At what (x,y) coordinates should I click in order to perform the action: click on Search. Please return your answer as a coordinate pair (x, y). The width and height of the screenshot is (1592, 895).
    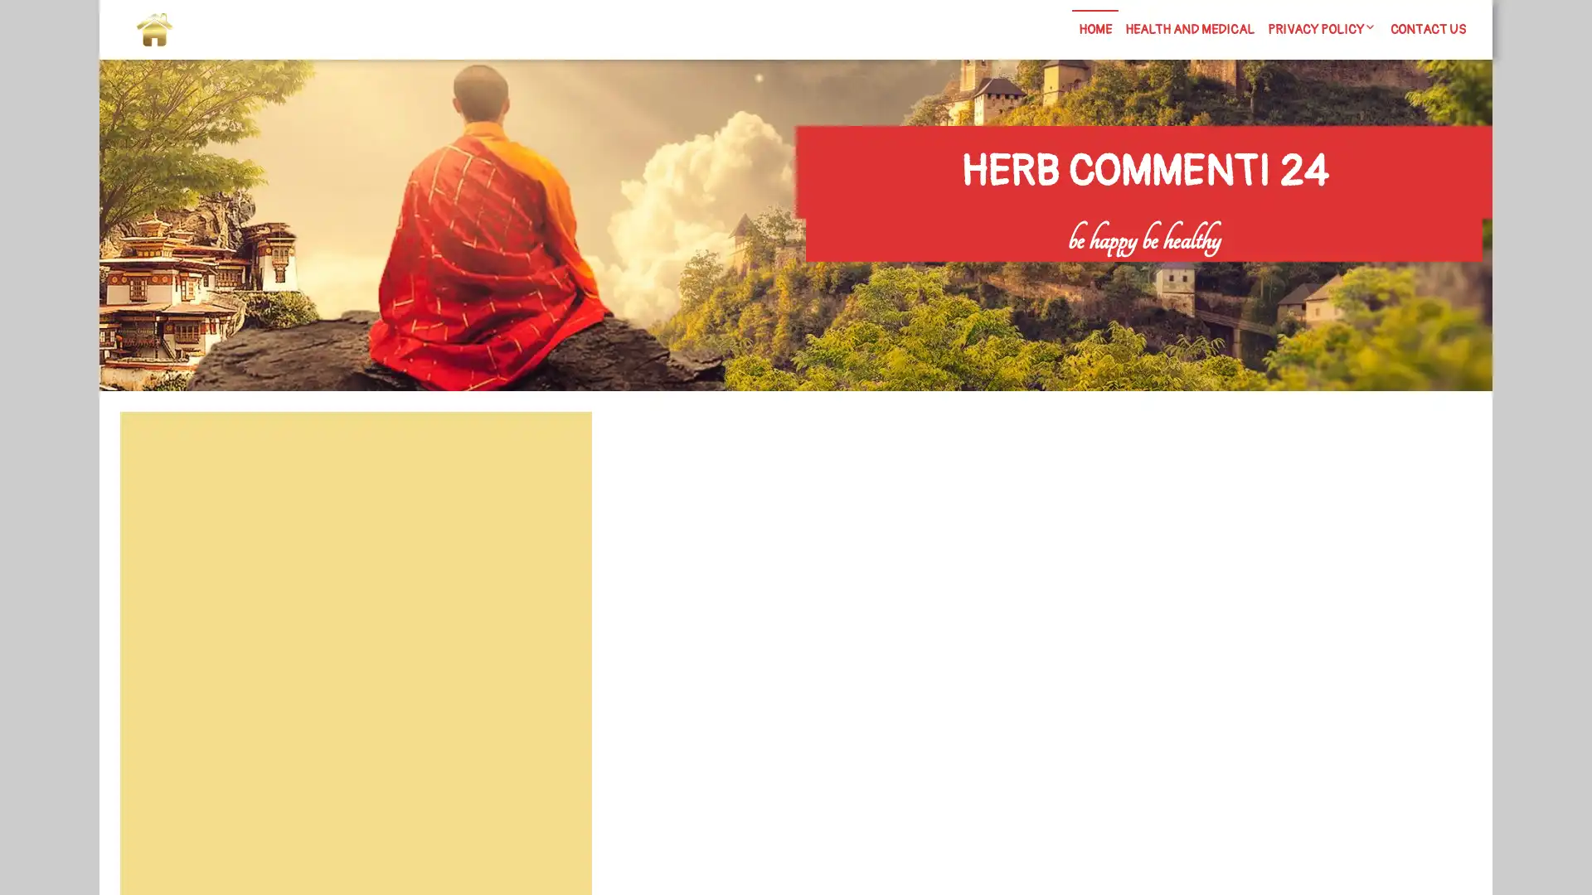
    Looking at the image, I should click on (553, 452).